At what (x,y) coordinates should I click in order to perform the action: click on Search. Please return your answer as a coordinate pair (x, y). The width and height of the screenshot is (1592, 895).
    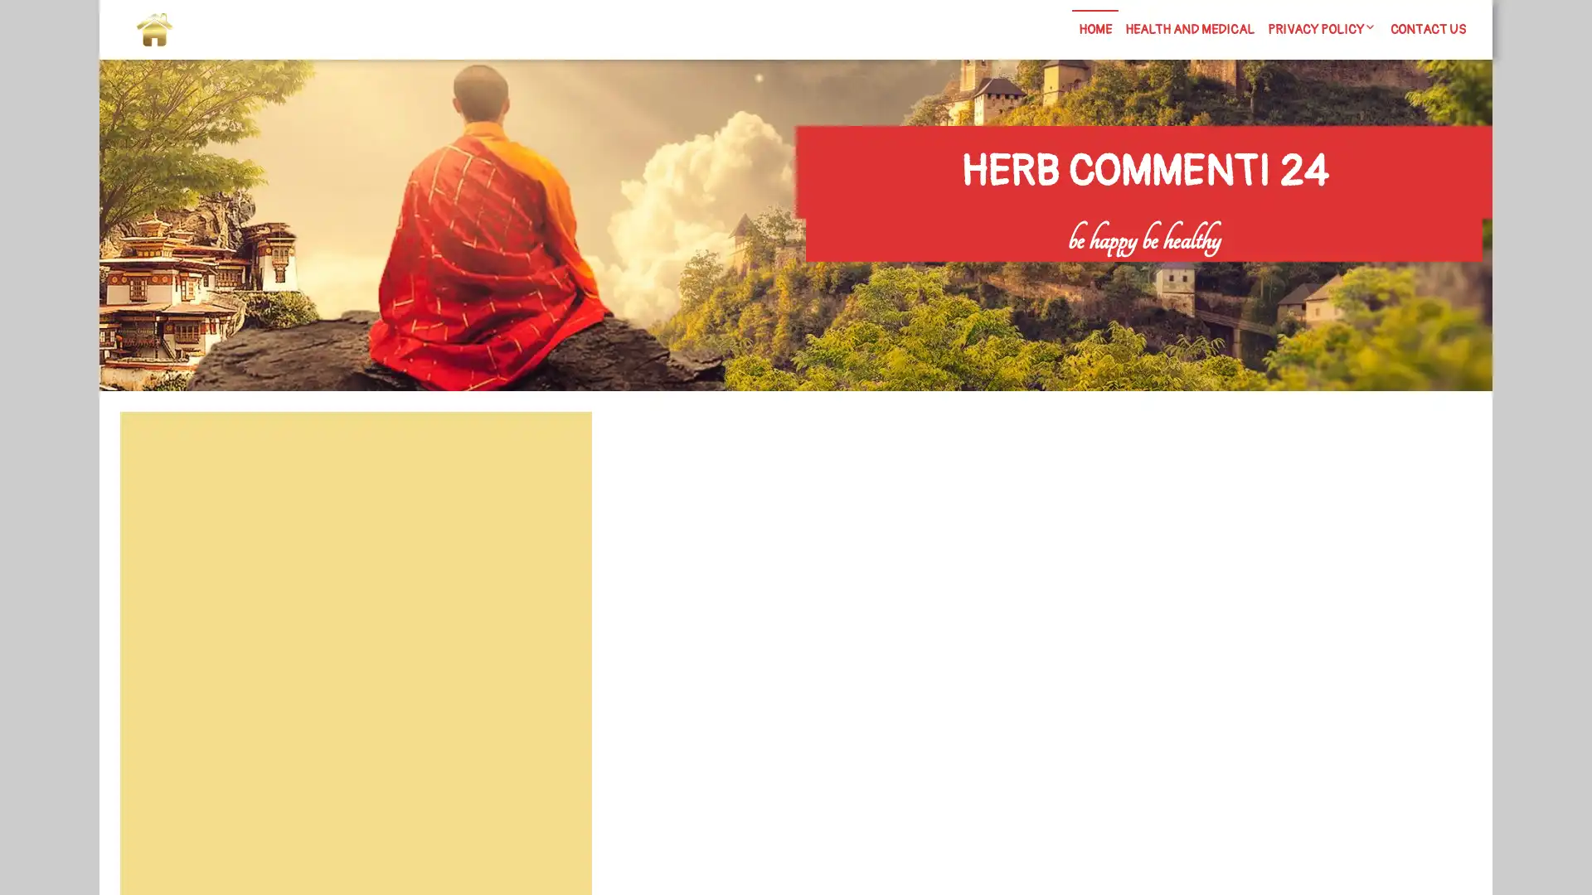
    Looking at the image, I should click on (553, 452).